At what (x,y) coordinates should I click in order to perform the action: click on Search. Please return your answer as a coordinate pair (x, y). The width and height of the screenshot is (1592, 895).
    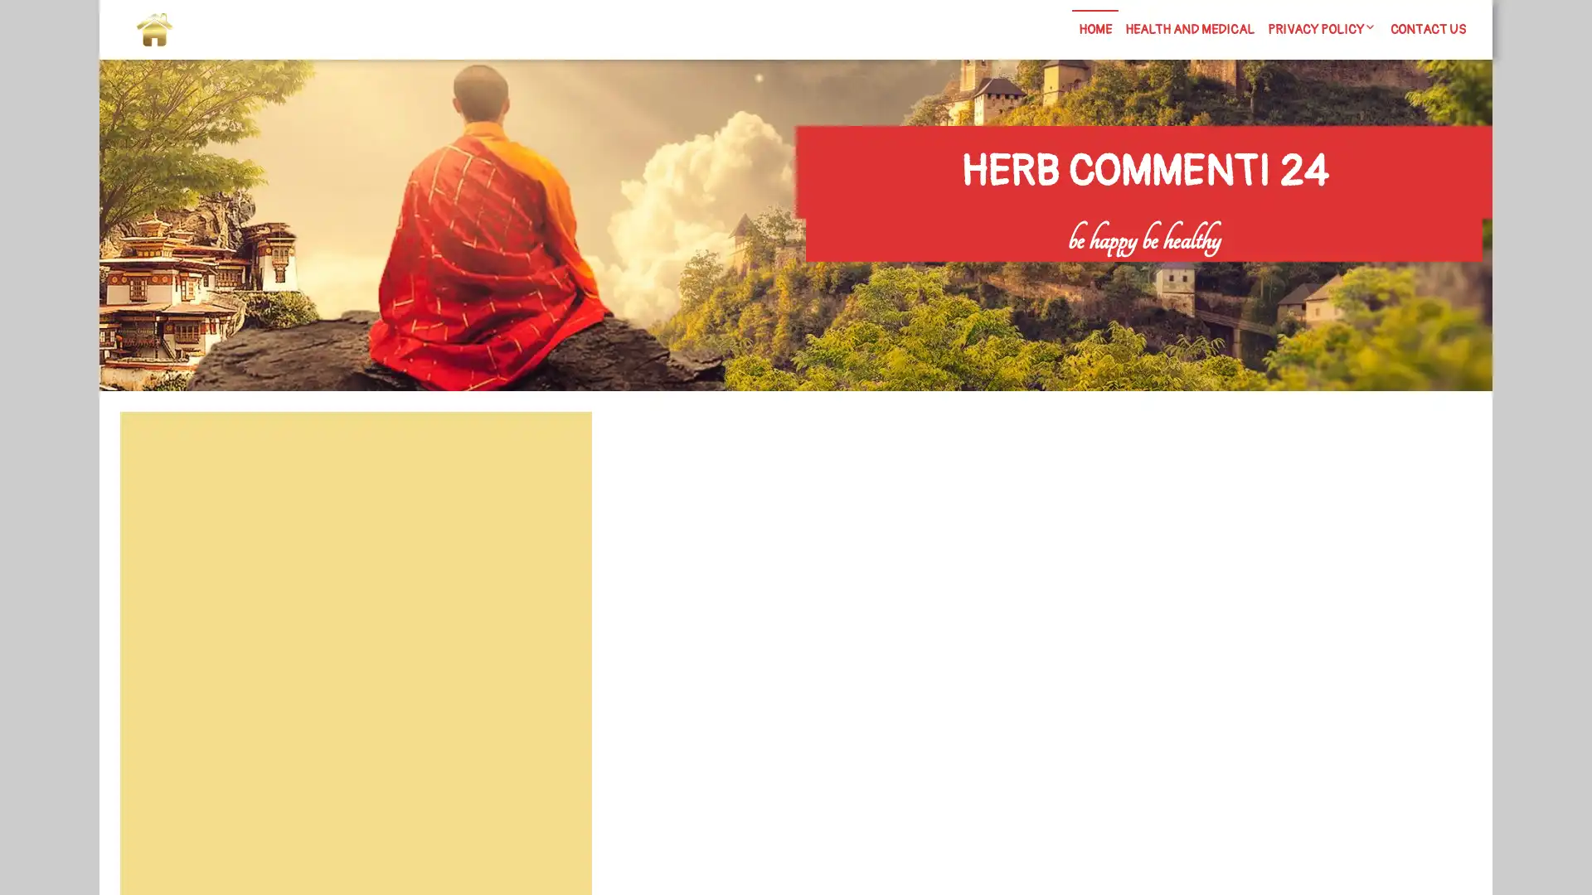
    Looking at the image, I should click on (553, 452).